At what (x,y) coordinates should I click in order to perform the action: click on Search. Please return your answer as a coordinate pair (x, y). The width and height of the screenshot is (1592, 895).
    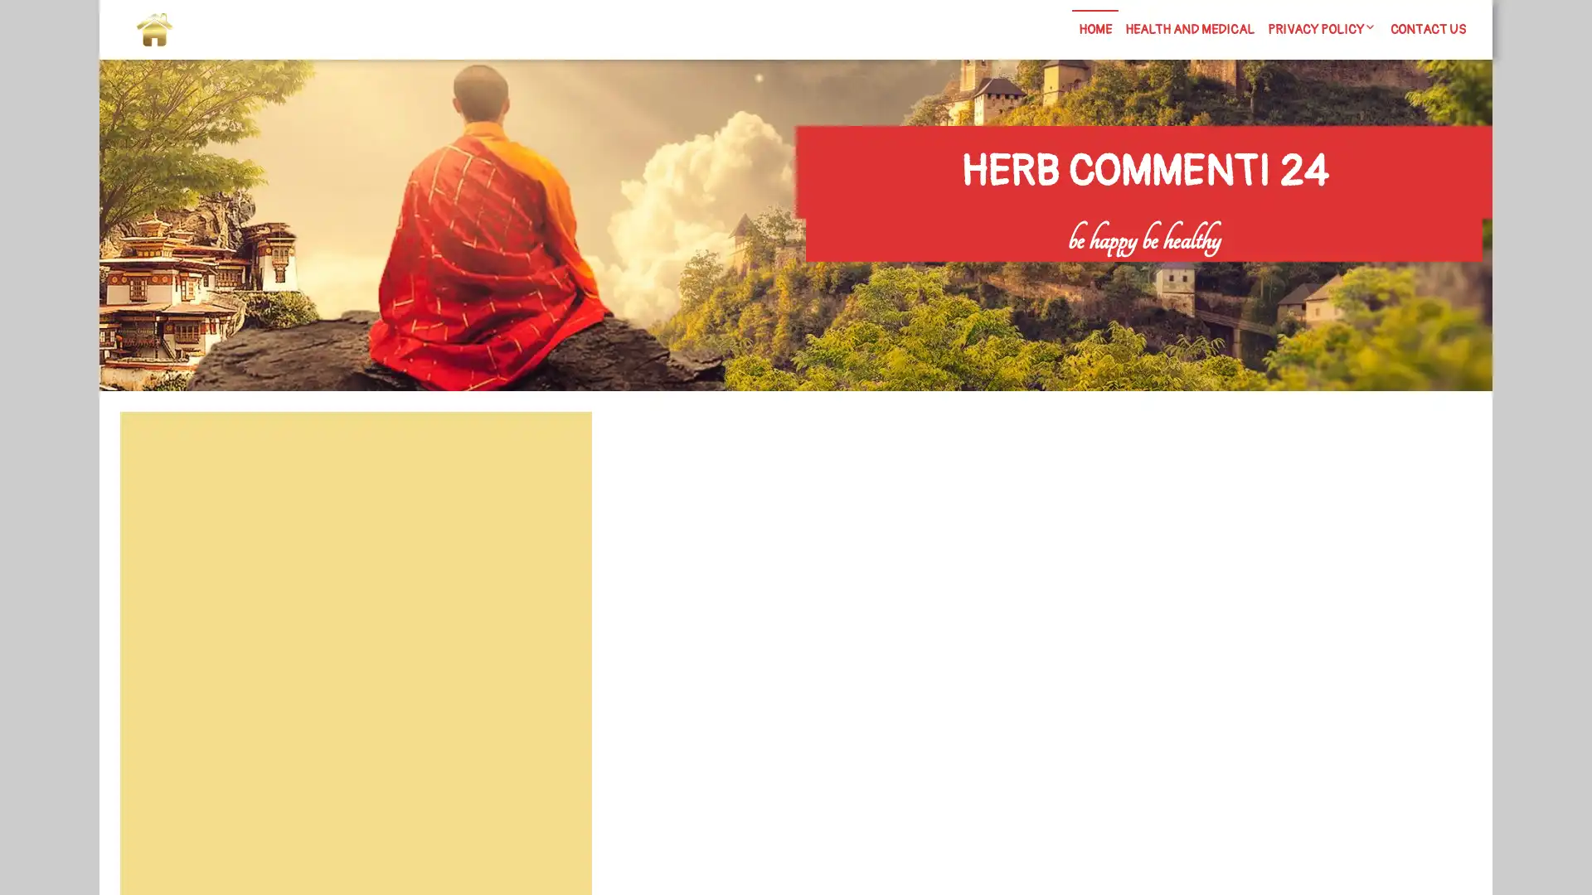
    Looking at the image, I should click on (553, 452).